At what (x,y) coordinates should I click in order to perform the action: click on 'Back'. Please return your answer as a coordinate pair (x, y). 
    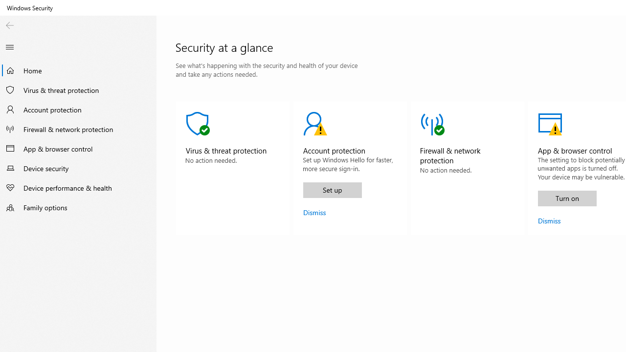
    Looking at the image, I should click on (9, 24).